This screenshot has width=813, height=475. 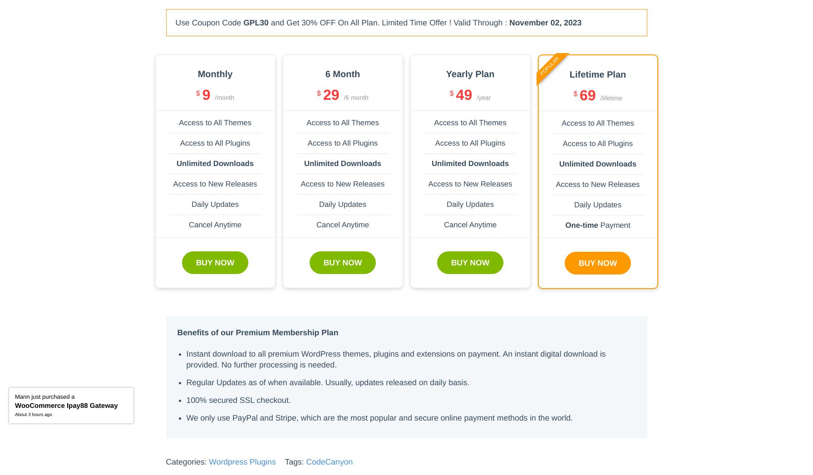 What do you see at coordinates (33, 415) in the screenshot?
I see `'About 3 hours ago'` at bounding box center [33, 415].